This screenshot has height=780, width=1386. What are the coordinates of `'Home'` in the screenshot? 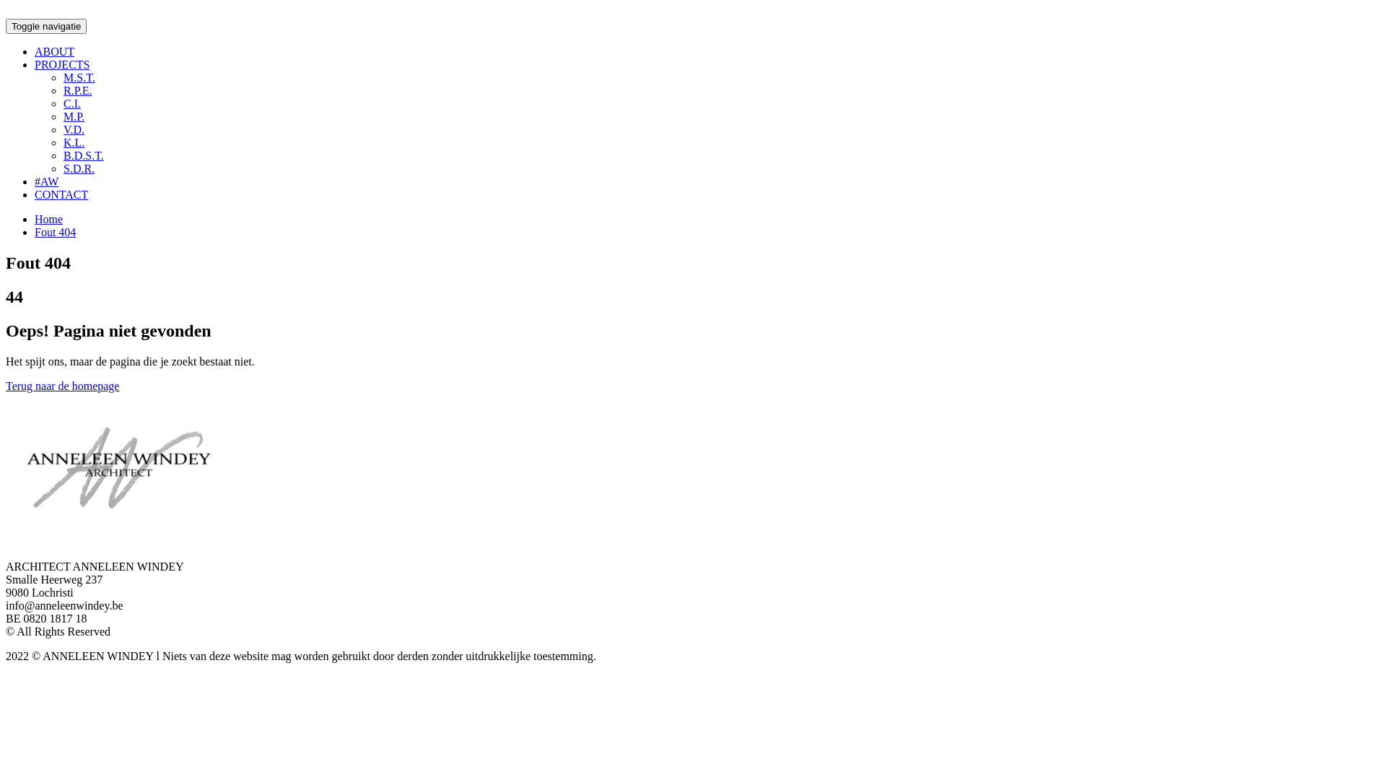 It's located at (48, 219).